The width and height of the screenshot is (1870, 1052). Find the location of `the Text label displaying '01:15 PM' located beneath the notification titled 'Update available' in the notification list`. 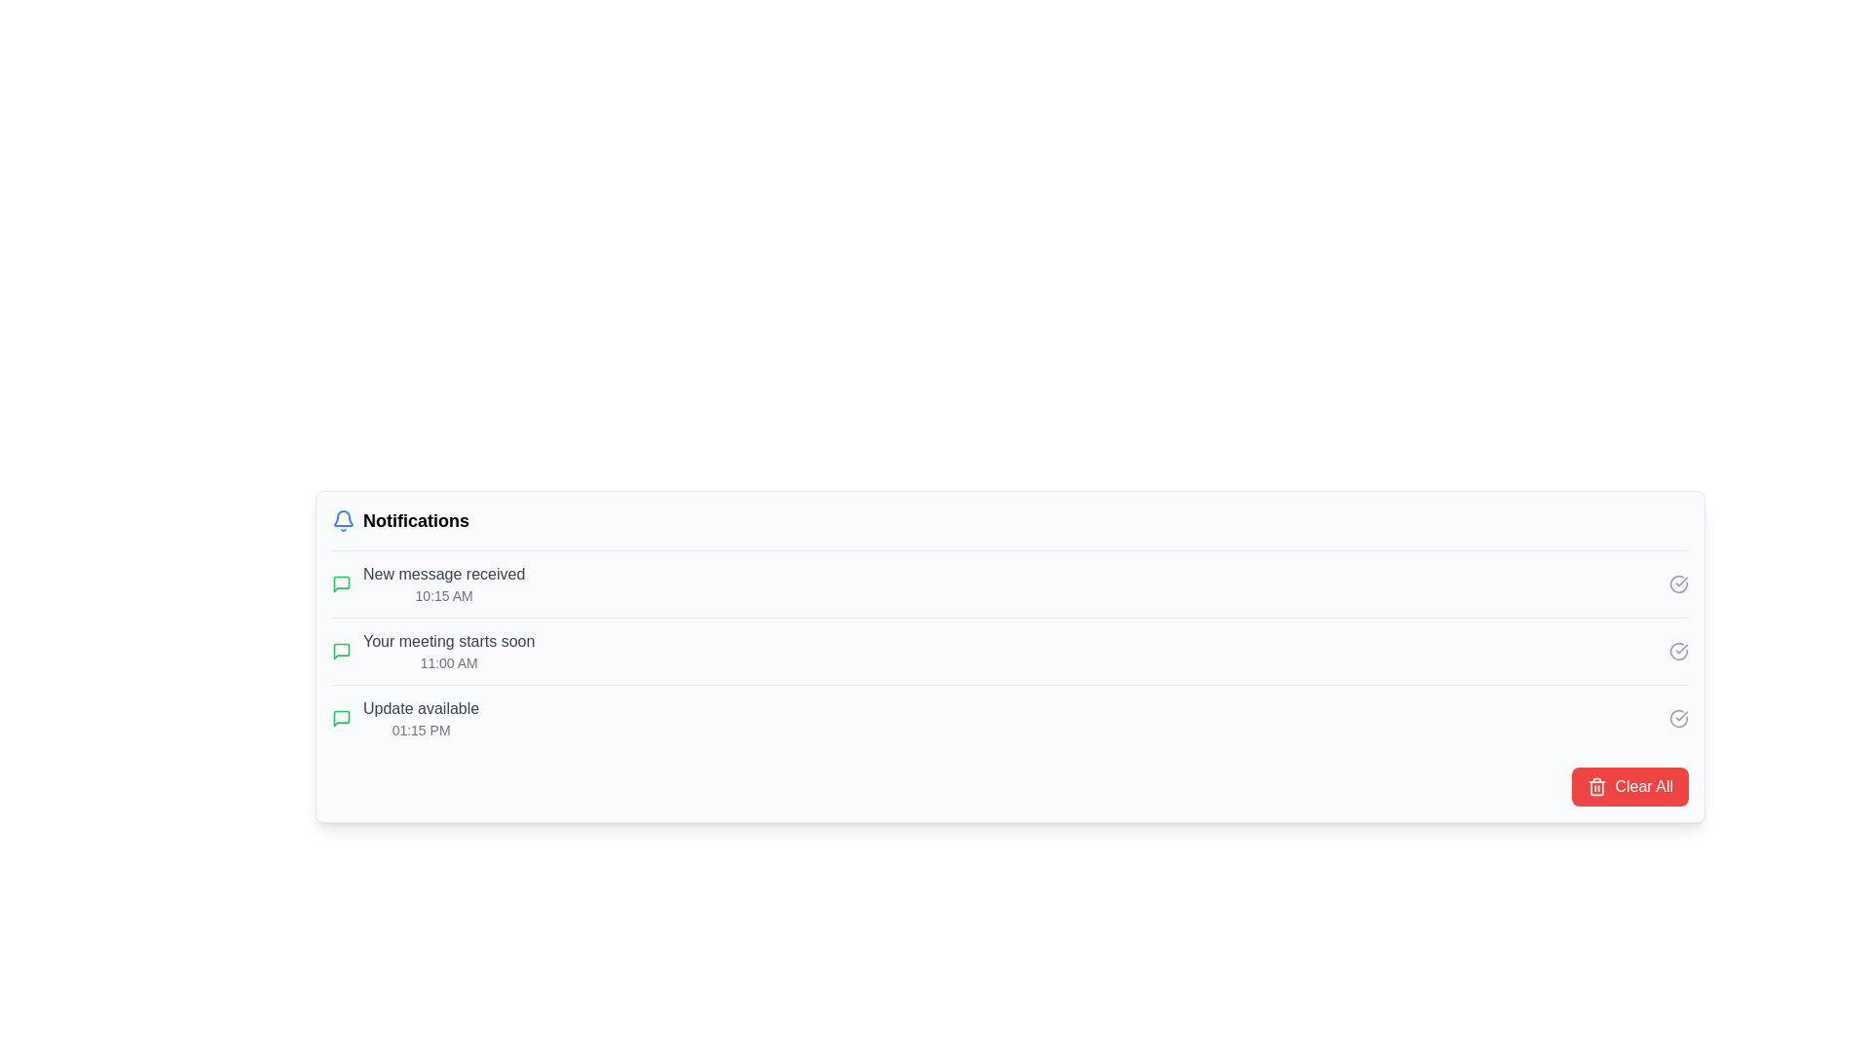

the Text label displaying '01:15 PM' located beneath the notification titled 'Update available' in the notification list is located at coordinates (420, 730).